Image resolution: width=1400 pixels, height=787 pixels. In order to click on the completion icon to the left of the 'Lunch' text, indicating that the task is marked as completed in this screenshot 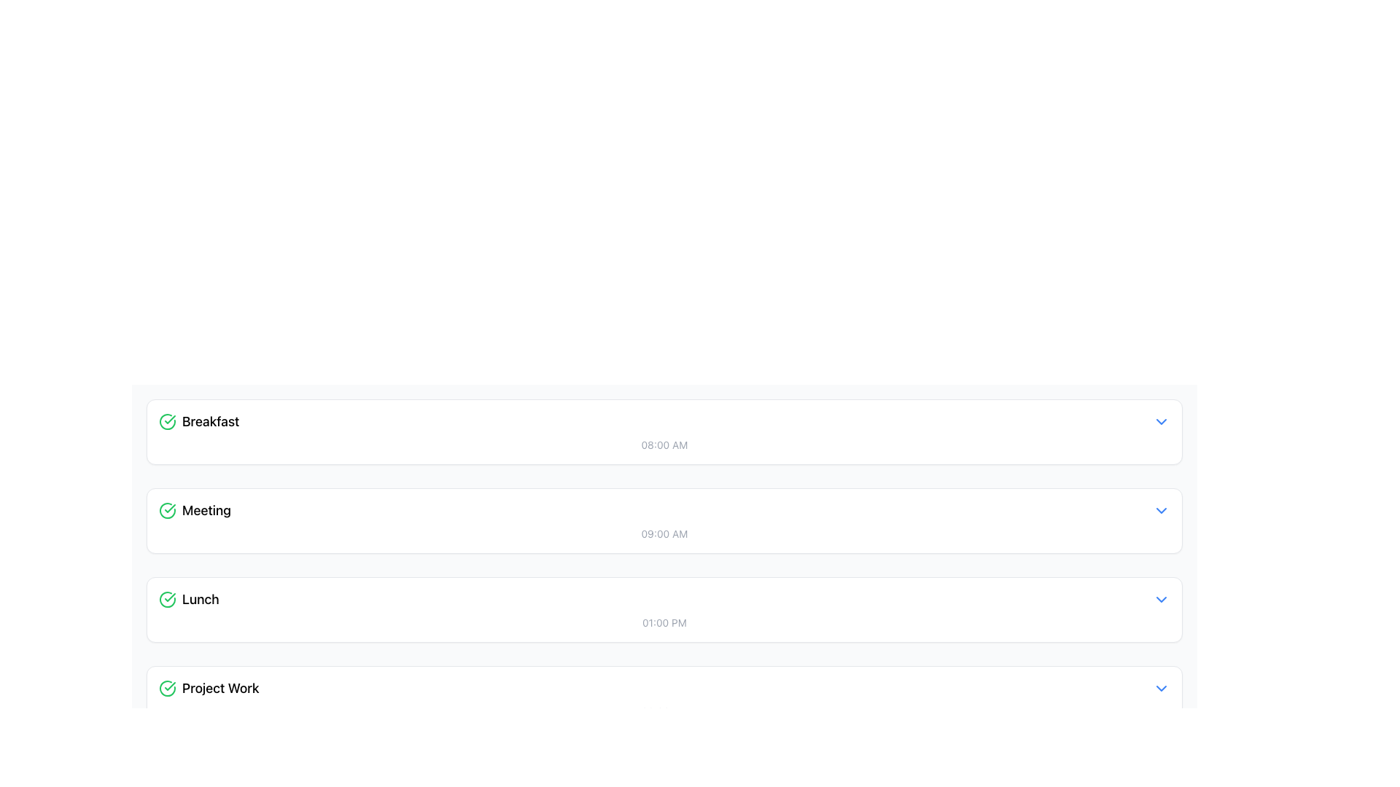, I will do `click(168, 599)`.